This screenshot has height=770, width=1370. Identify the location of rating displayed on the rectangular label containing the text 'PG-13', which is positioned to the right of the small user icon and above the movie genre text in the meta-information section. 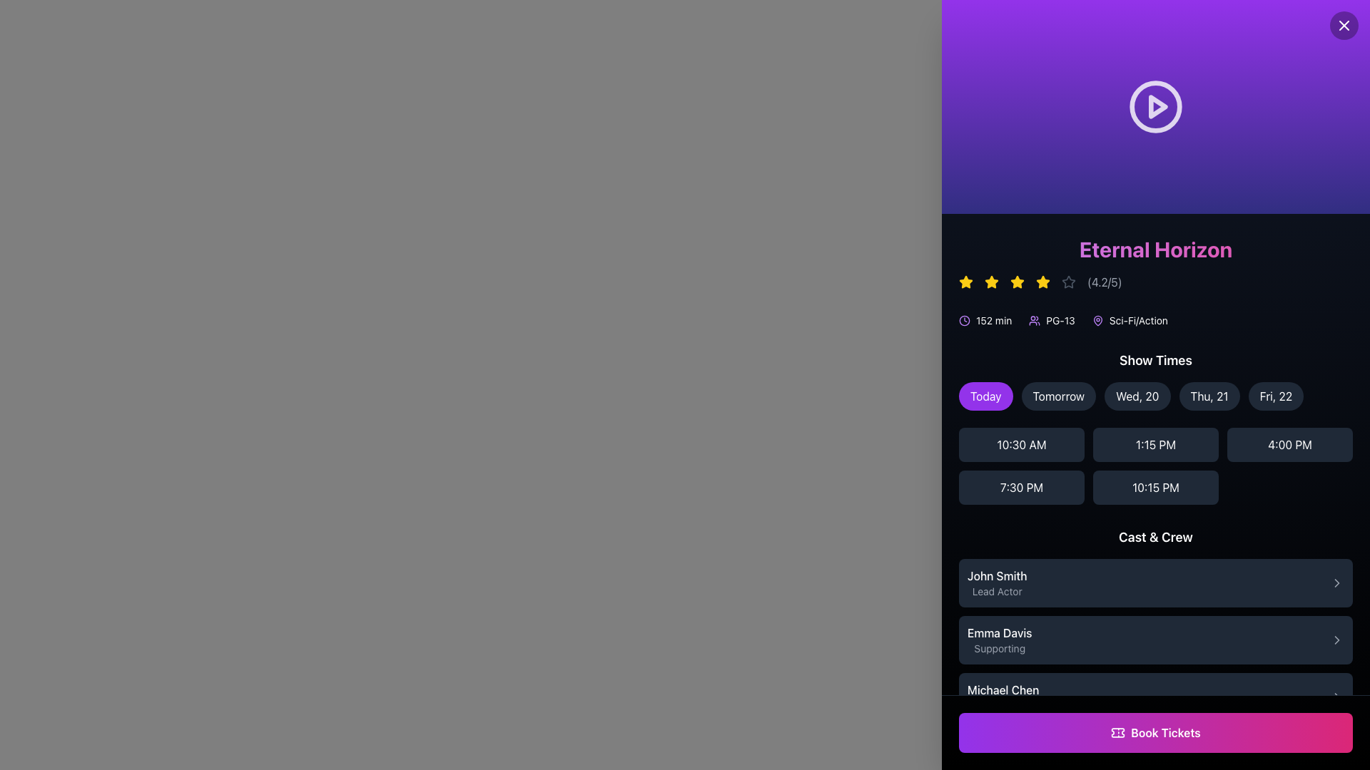
(1060, 321).